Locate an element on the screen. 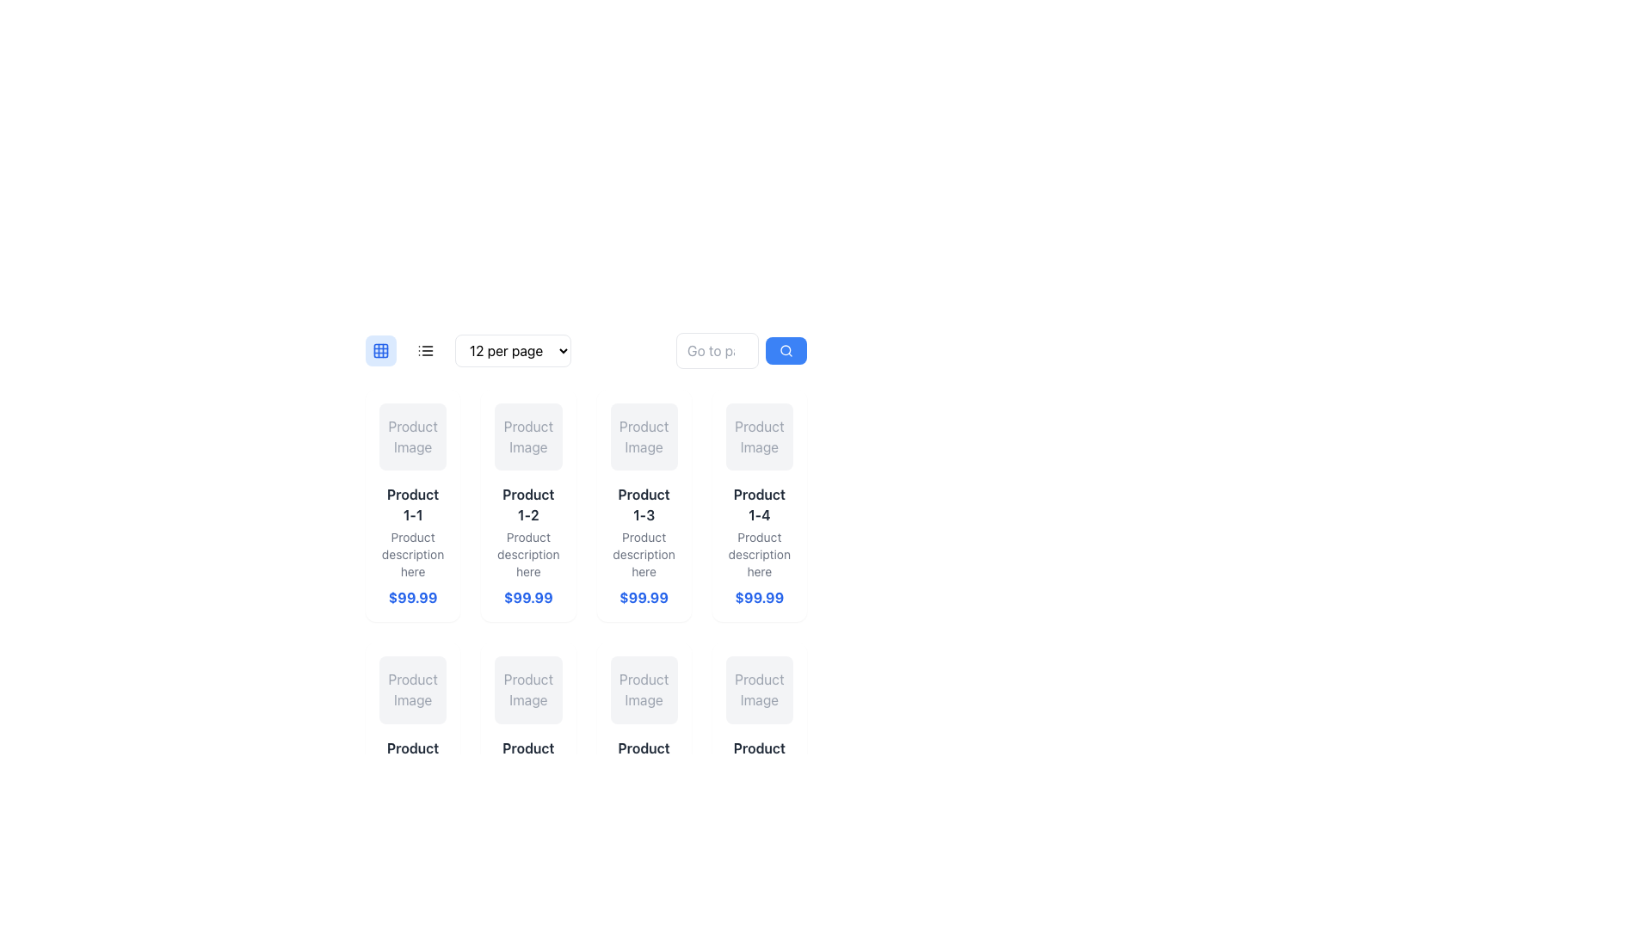  the dropdown menu that allows selection of items per page is located at coordinates (468, 350).